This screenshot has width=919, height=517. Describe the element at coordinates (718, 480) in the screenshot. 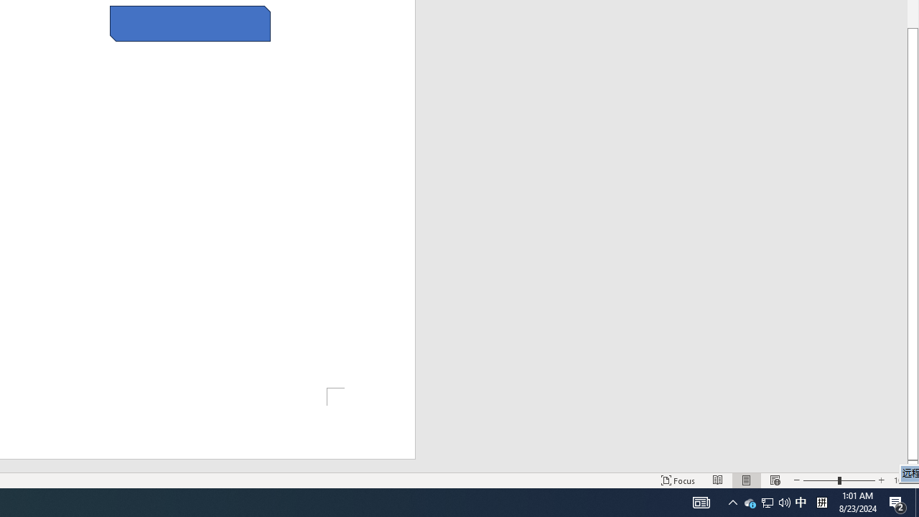

I see `'Read Mode'` at that location.